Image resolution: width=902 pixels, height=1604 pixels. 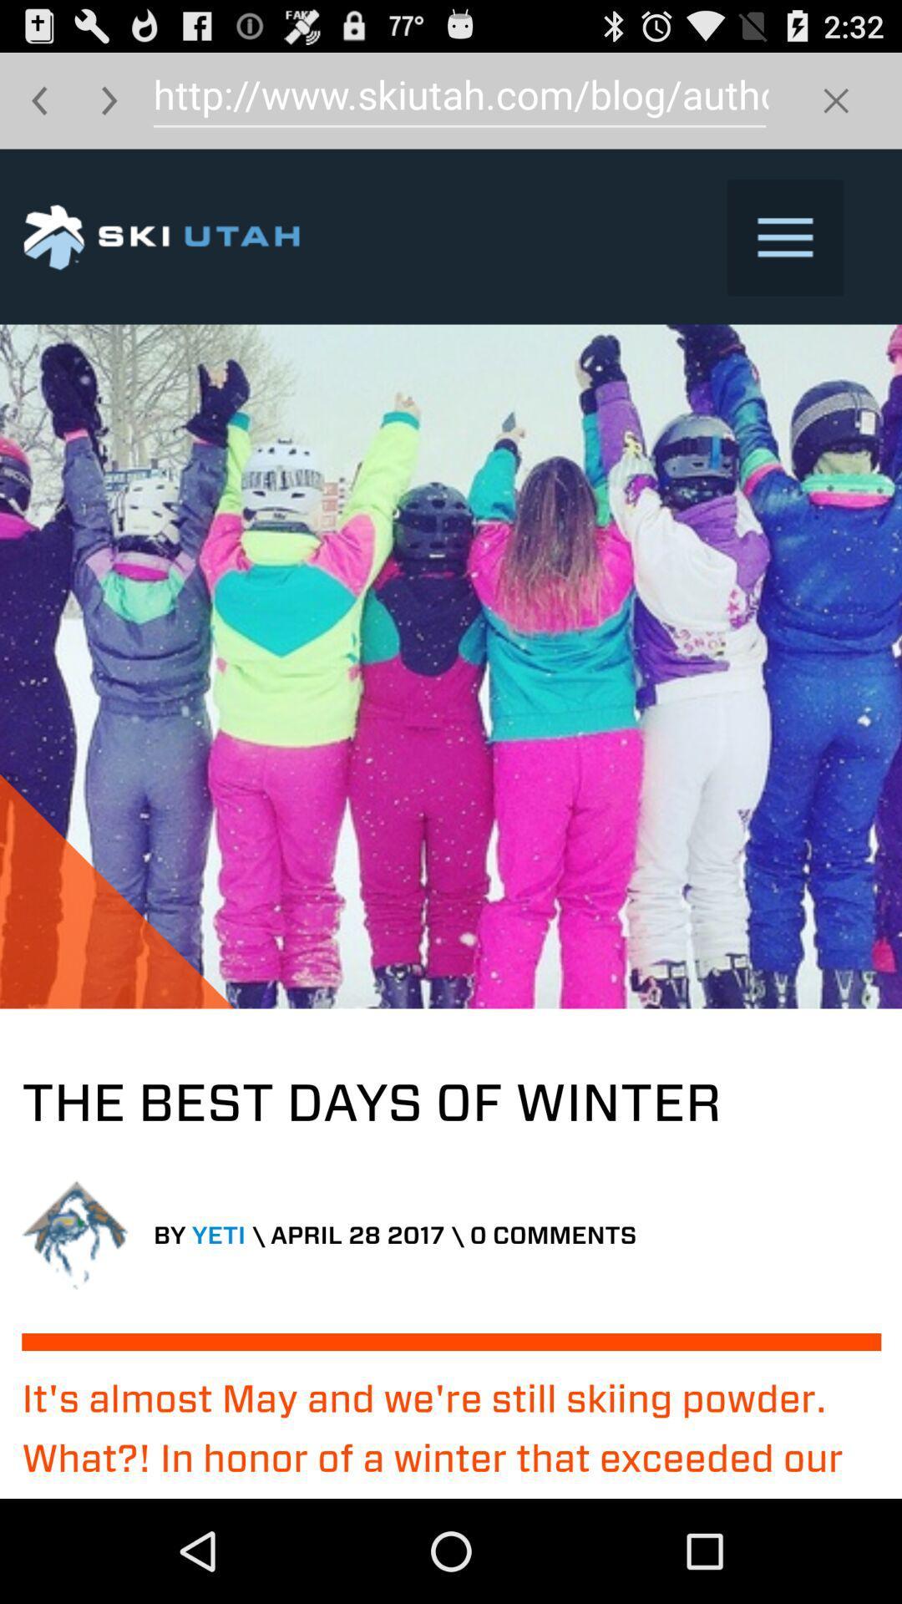 What do you see at coordinates (109, 107) in the screenshot?
I see `the arrow_forward icon` at bounding box center [109, 107].